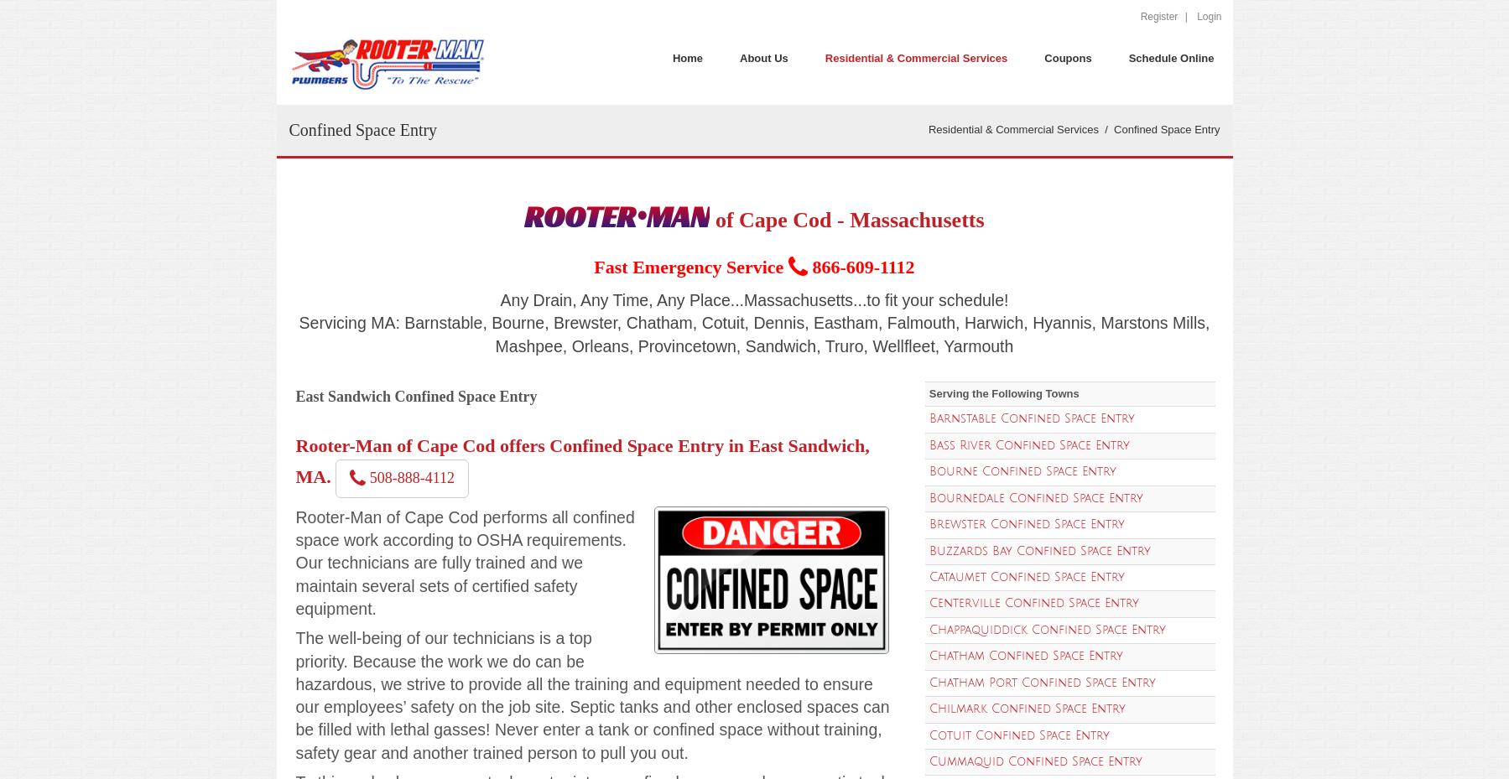 This screenshot has height=779, width=1509. I want to click on 'Rooter-Man of Cape Cod performs all confined space work according to OSHA requirements. Our technicians are fully trained and we maintain several sets of certified safety equipment.', so click(463, 562).